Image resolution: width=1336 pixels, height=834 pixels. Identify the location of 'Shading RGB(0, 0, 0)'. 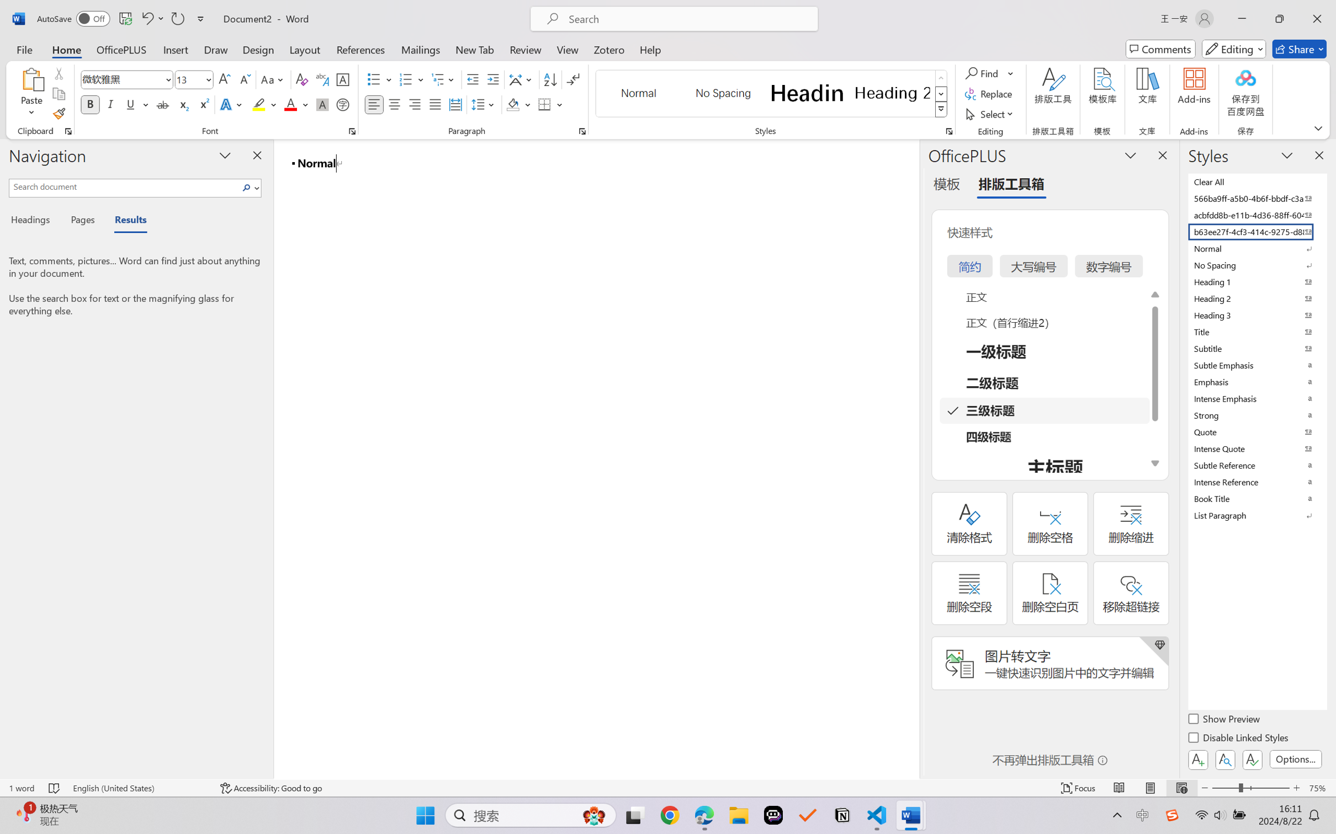
(512, 104).